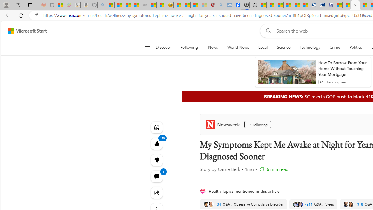 The height and width of the screenshot is (210, 373). I want to click on 'Class: button-glyph', so click(147, 47).